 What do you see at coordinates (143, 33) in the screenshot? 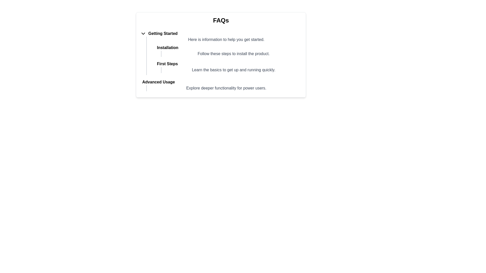
I see `the icon button located to the left of the 'Getting Started' text` at bounding box center [143, 33].